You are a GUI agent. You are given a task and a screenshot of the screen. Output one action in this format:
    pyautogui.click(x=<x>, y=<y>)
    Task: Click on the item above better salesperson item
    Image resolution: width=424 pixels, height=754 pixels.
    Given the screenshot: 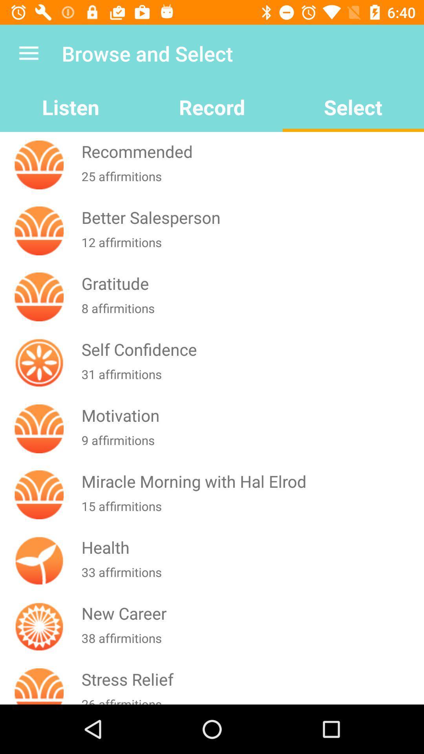 What is the action you would take?
    pyautogui.click(x=251, y=181)
    